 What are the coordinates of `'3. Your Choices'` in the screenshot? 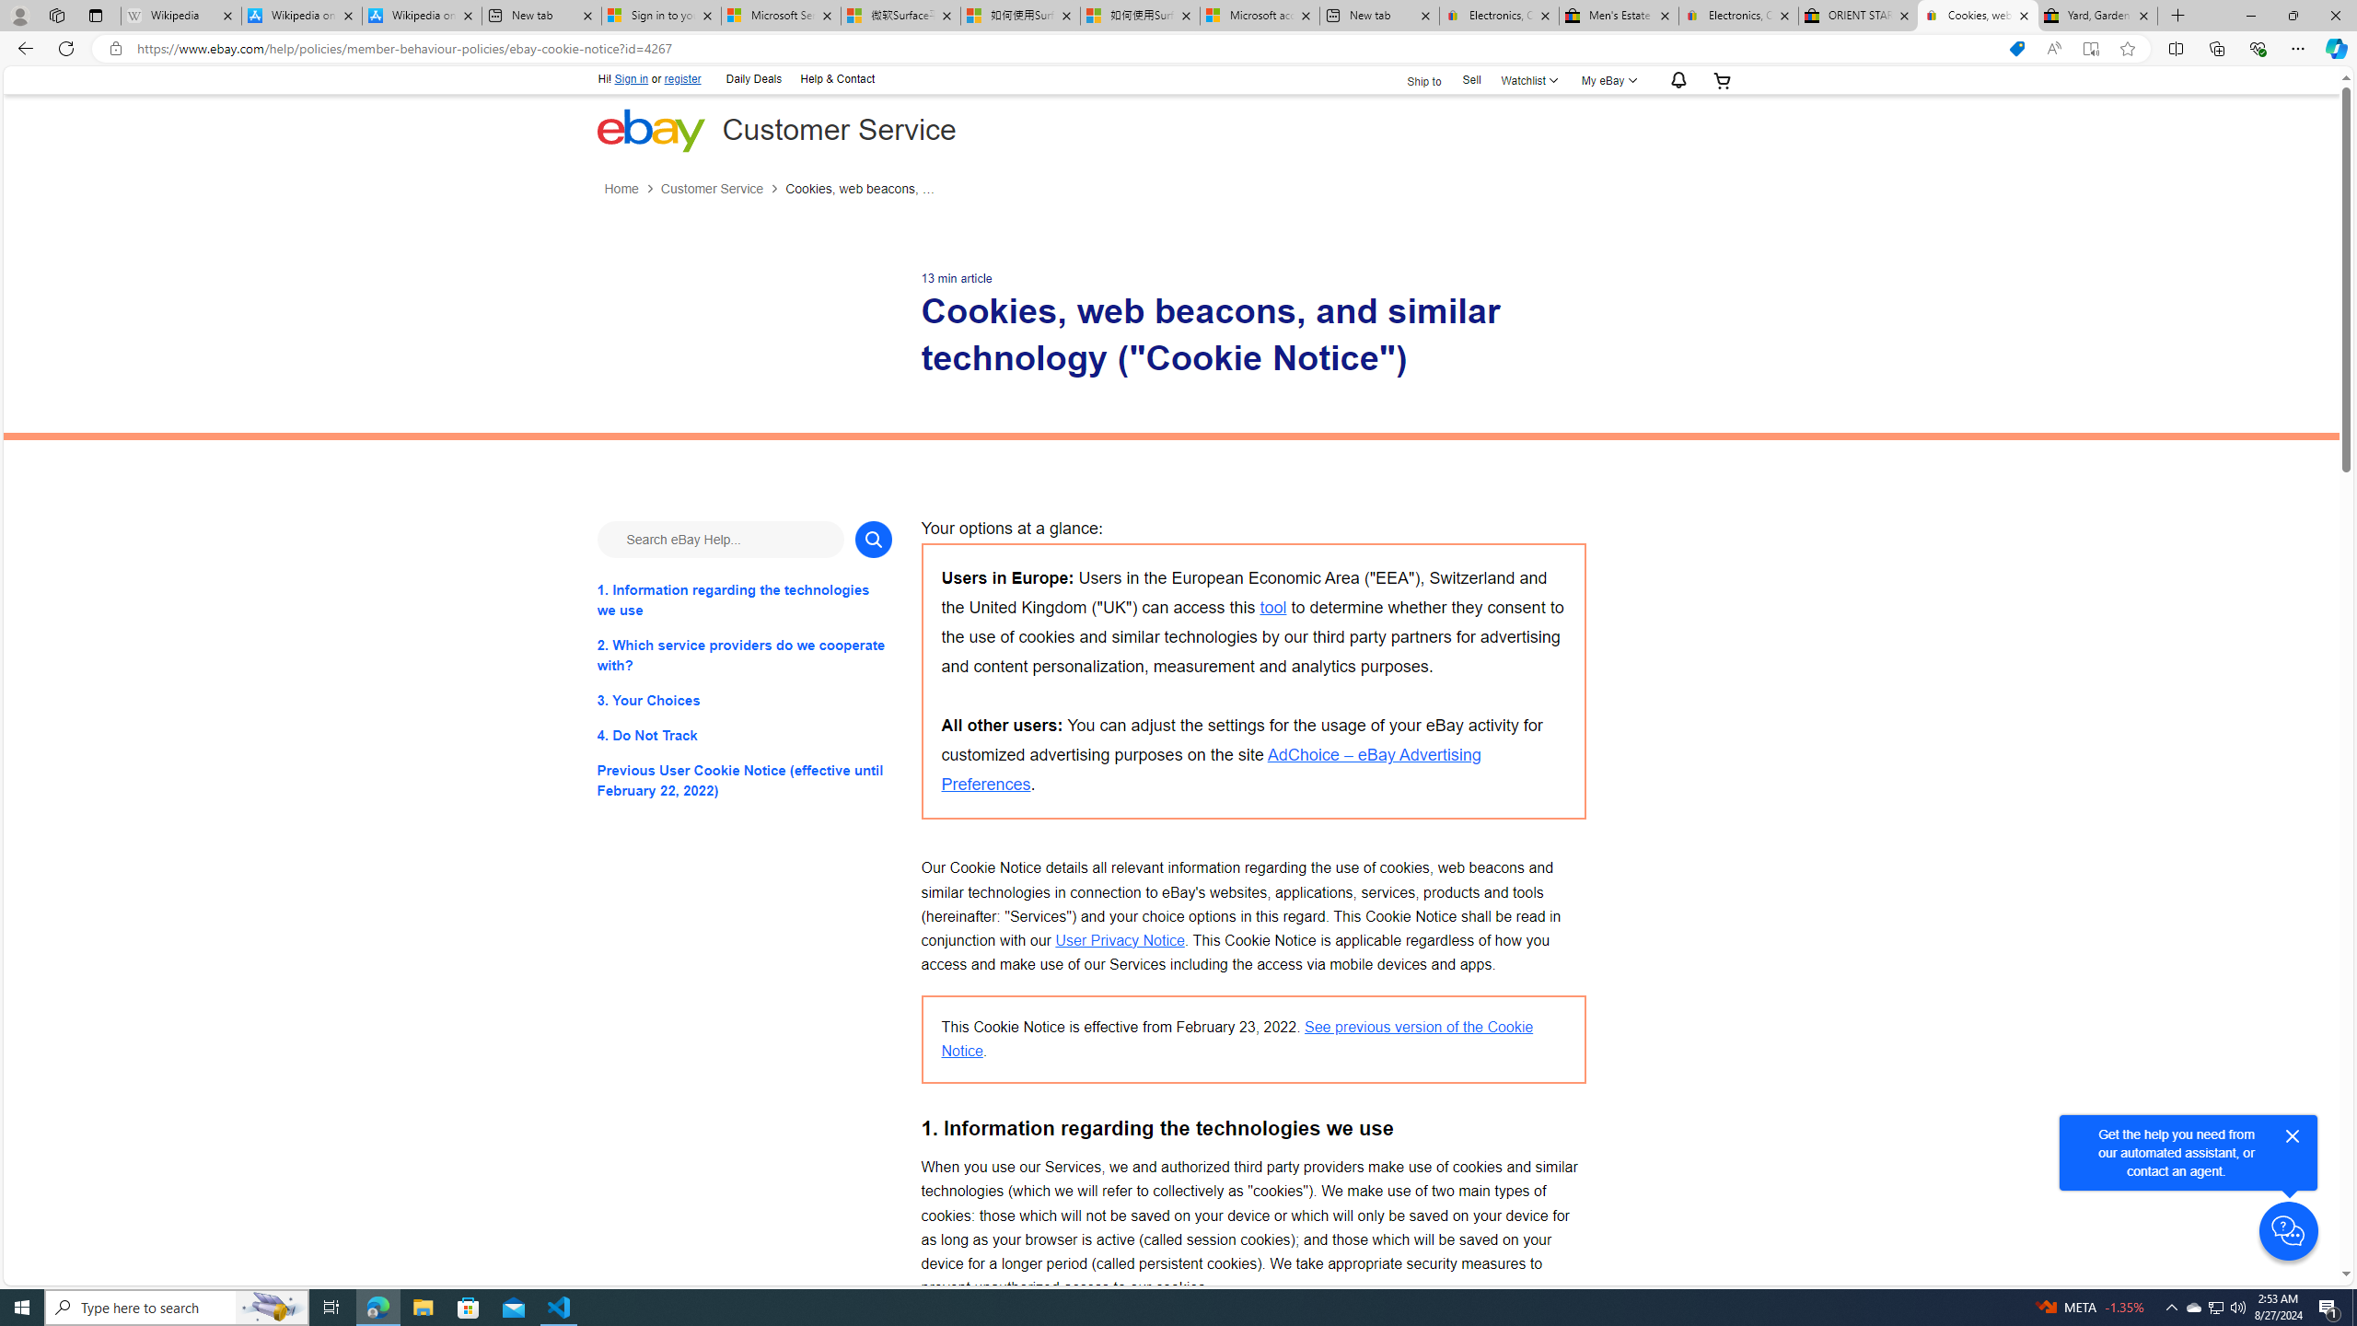 It's located at (743, 699).